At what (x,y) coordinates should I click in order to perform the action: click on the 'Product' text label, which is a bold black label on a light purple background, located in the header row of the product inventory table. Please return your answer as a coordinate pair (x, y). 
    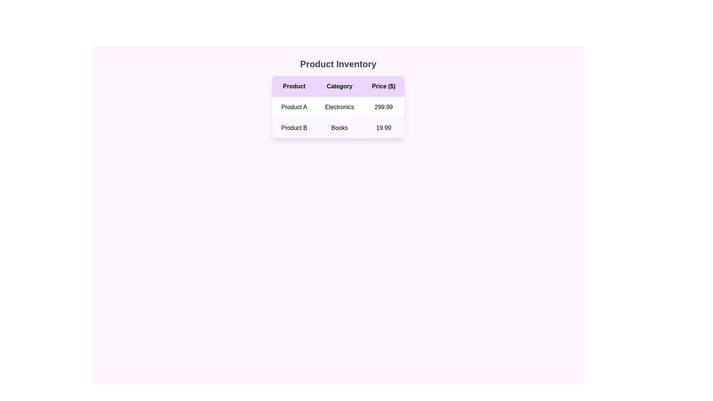
    Looking at the image, I should click on (294, 86).